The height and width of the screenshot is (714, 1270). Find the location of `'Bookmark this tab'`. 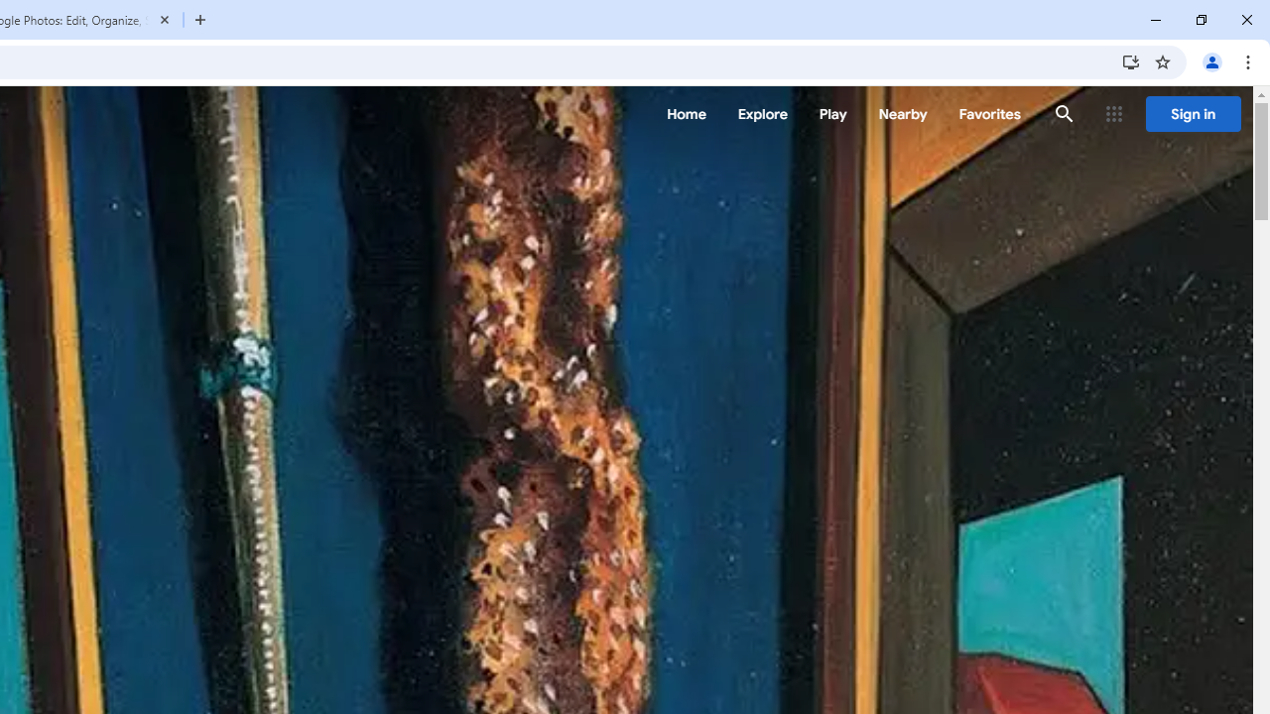

'Bookmark this tab' is located at coordinates (1162, 60).